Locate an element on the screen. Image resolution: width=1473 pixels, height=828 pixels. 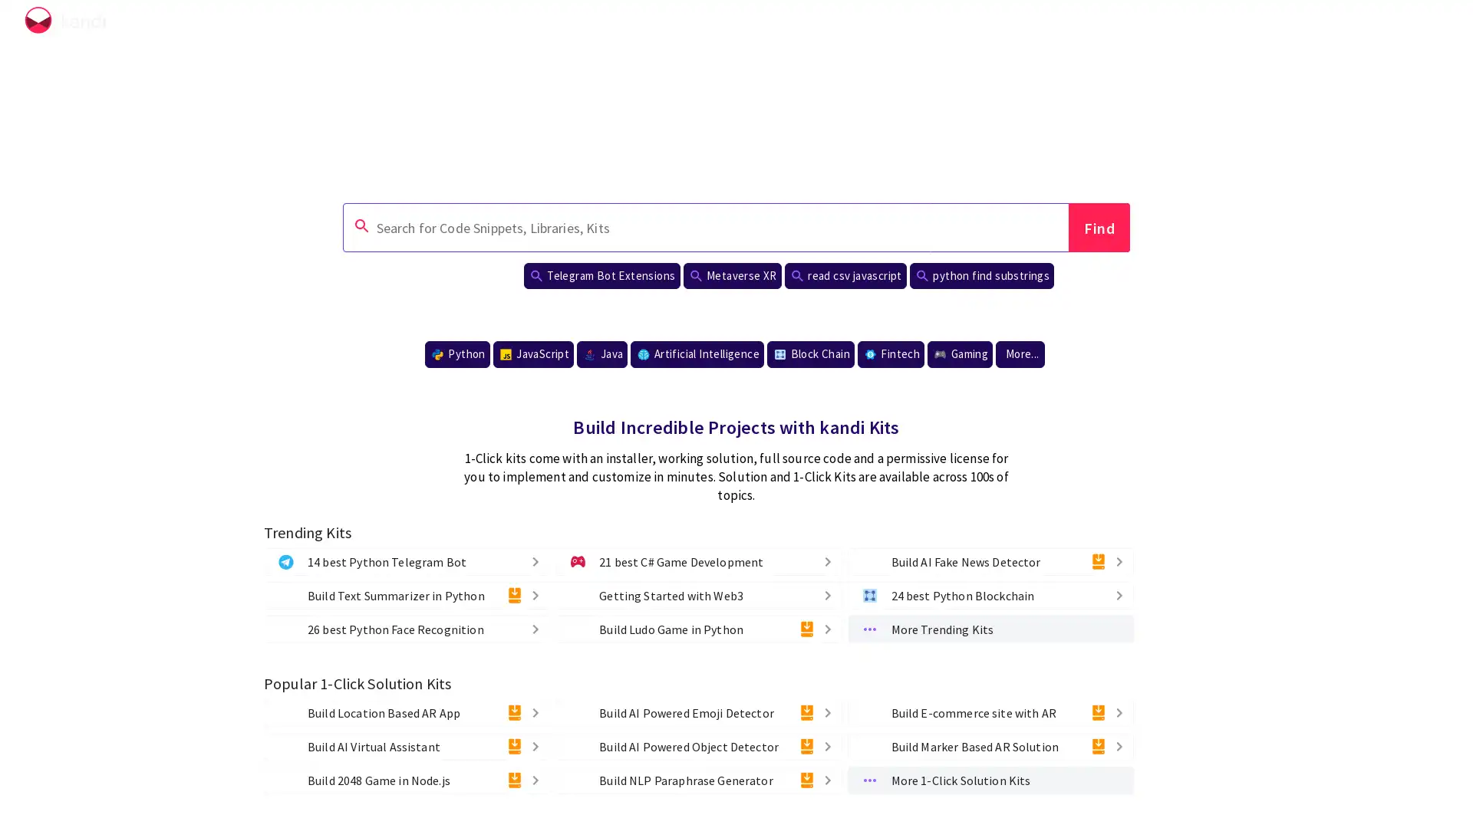
delete is located at coordinates (826, 780).